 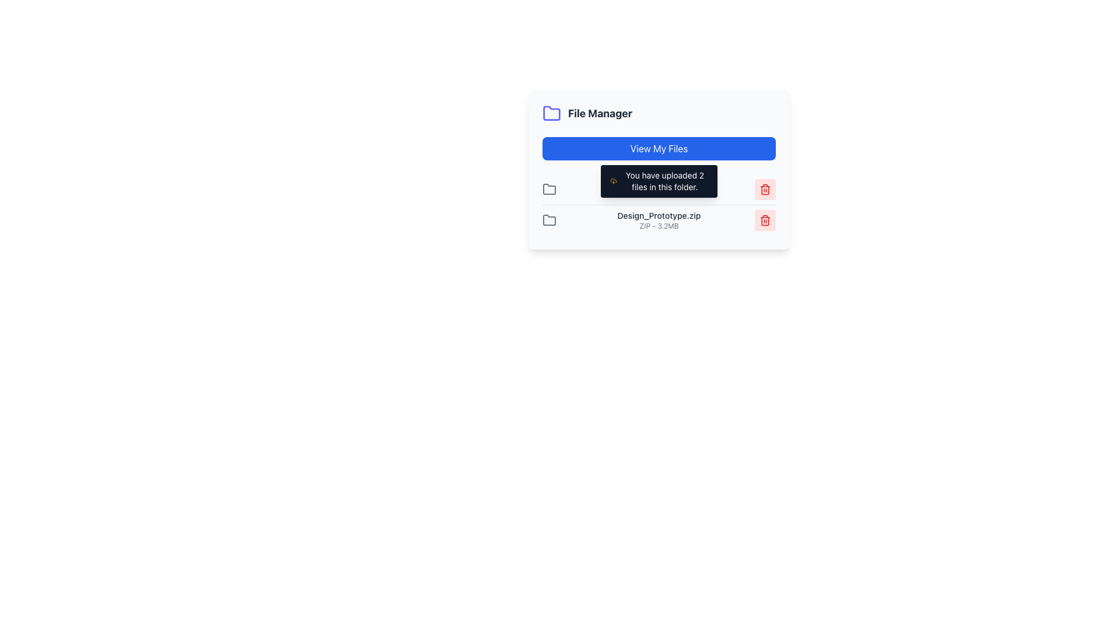 What do you see at coordinates (548, 188) in the screenshot?
I see `the folder icon representing the file 'Project_Documentation.pdfPDF - 1.4MB', which is located at the beginning of the row containing file metadata` at bounding box center [548, 188].